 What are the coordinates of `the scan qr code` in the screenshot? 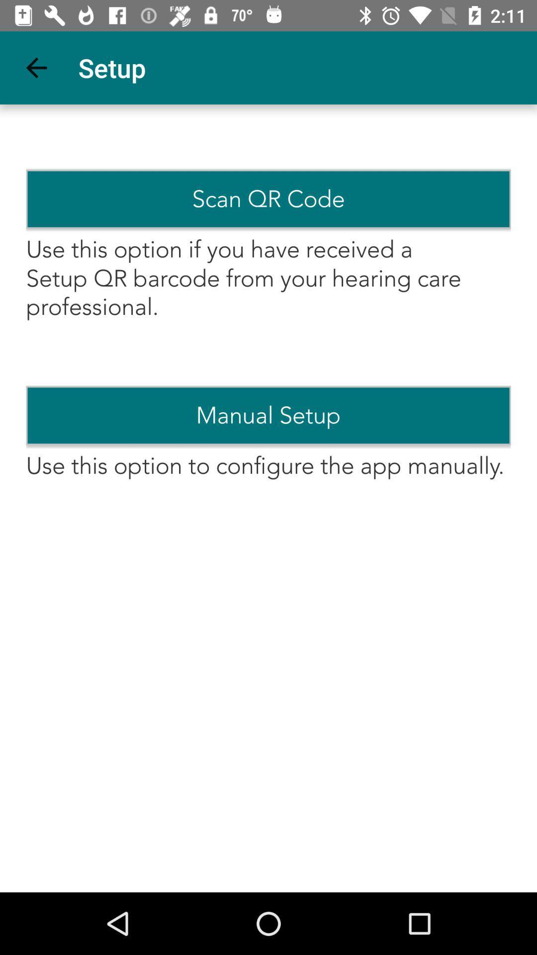 It's located at (268, 199).